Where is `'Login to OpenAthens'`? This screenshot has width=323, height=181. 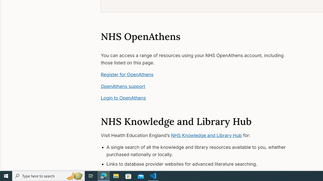 'Login to OpenAthens' is located at coordinates (123, 98).